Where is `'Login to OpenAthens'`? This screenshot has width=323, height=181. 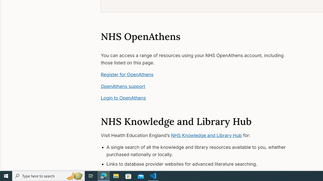 'Login to OpenAthens' is located at coordinates (123, 98).